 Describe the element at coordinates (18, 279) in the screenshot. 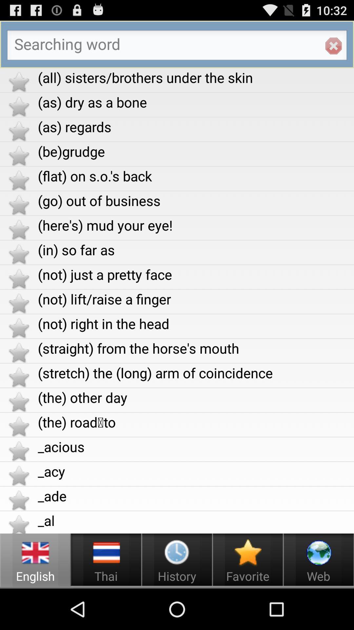

I see `the star icon on left to the text not just a pretty face on the web page` at that location.